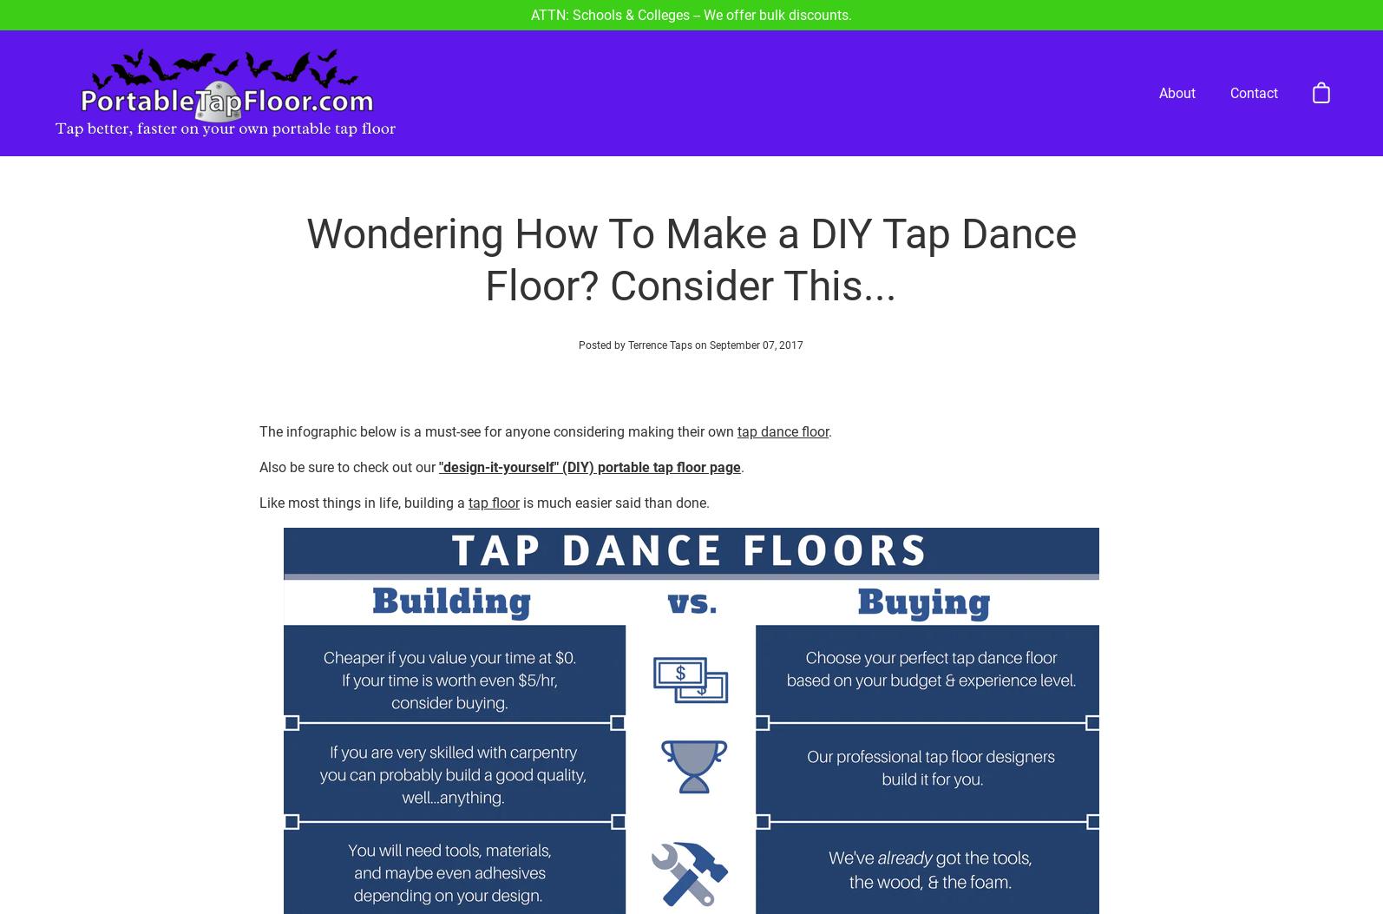 This screenshot has width=1383, height=914. Describe the element at coordinates (613, 438) in the screenshot. I see `'is much easier said than done.'` at that location.